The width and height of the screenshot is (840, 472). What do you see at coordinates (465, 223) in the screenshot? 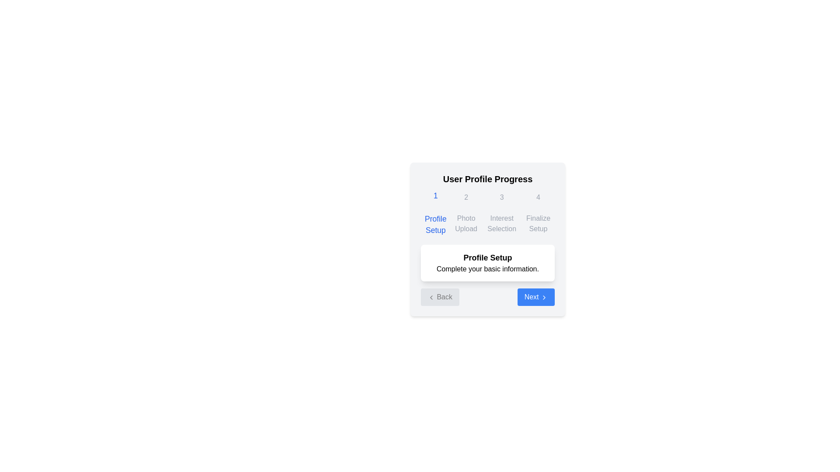
I see `the 'Photo Upload' label, which features the text styled in light gray and is located in the second step of the 'User Profile Progress' interface, beneath the digit '2' and to the right of the 'Profile Setup' label` at bounding box center [465, 223].